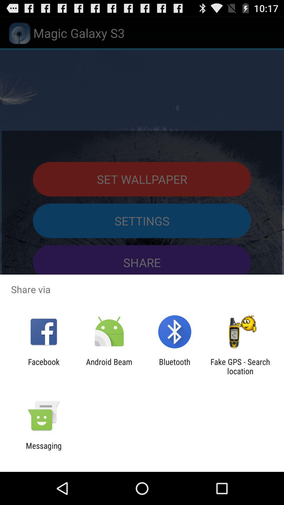  I want to click on the facebook icon, so click(43, 366).